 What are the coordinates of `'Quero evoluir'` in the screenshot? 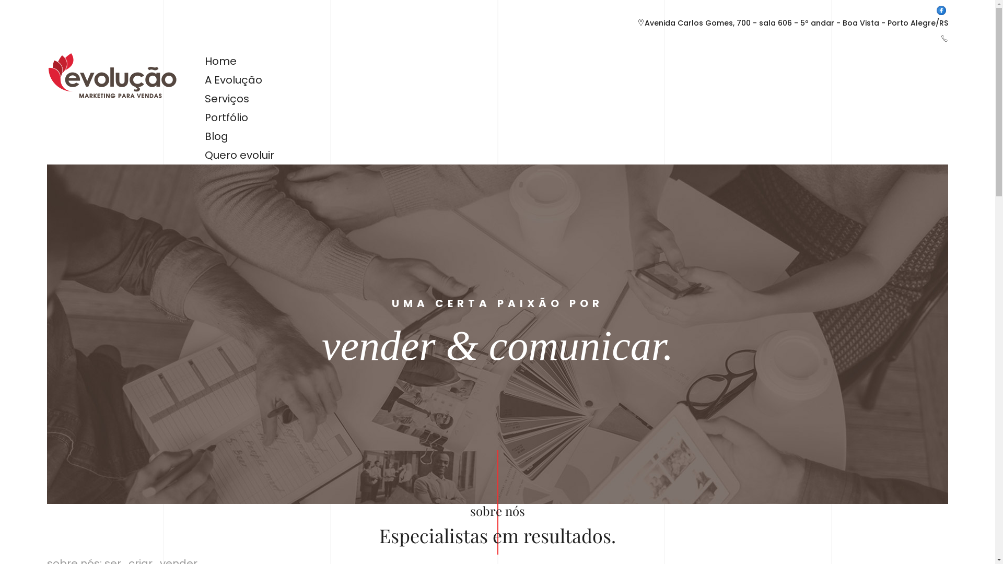 It's located at (239, 155).